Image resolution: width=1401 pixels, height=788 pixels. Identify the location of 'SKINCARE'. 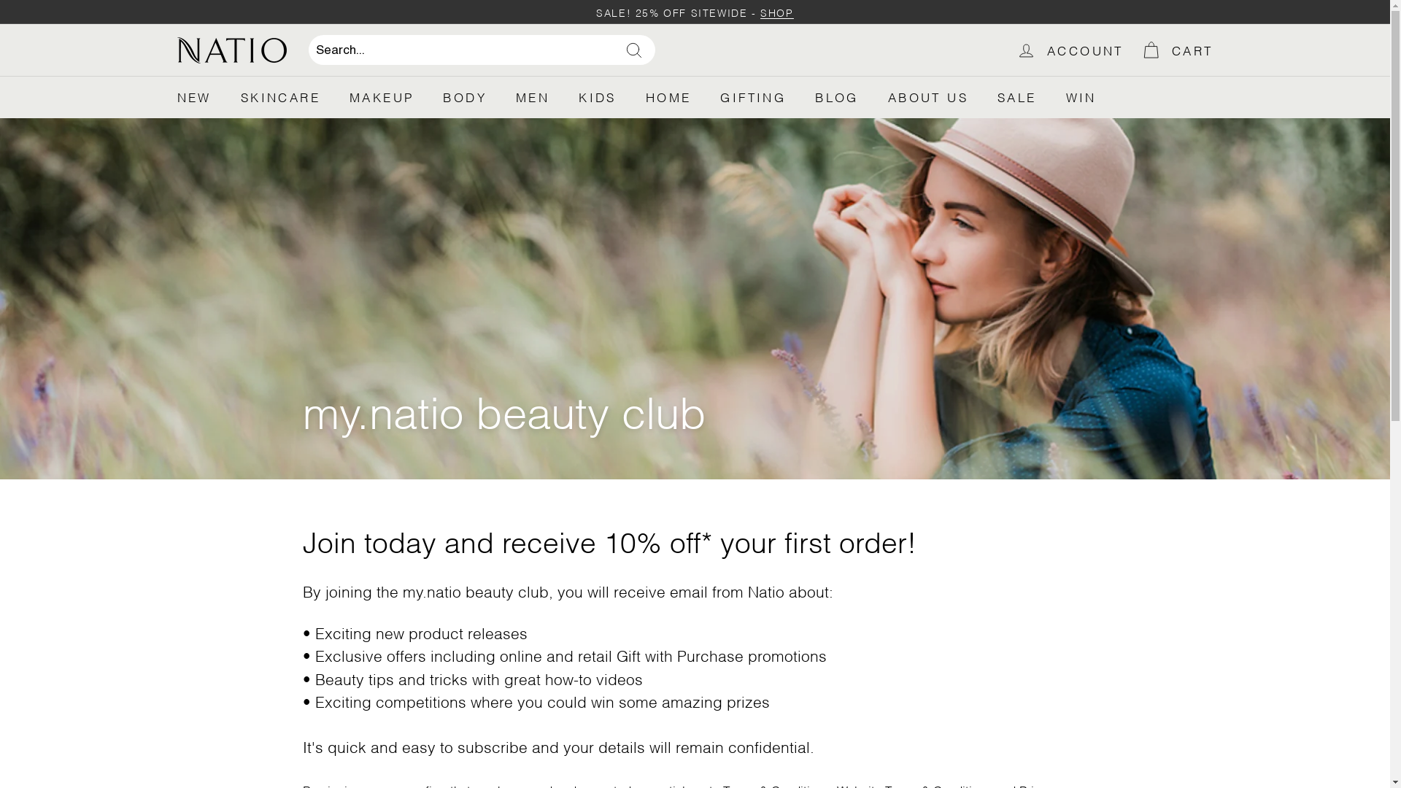
(280, 96).